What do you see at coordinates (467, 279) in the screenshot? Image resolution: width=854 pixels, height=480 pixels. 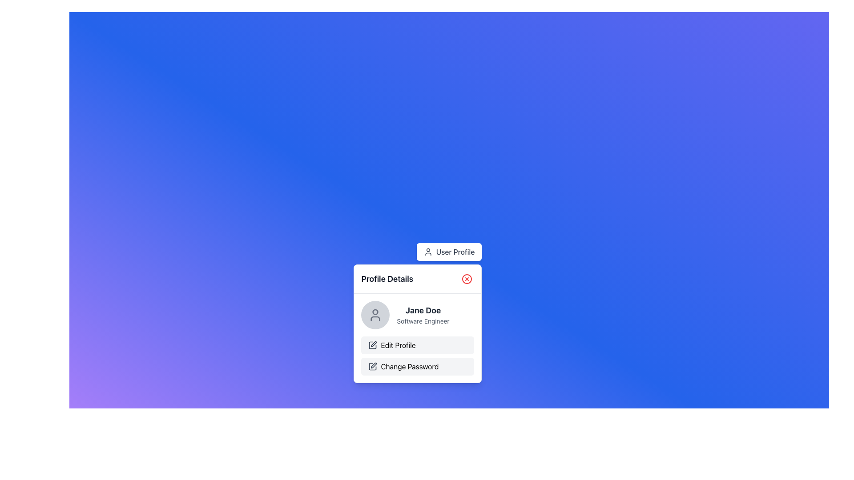 I see `the close button at the top-right corner of the 'Profile Details' card` at bounding box center [467, 279].